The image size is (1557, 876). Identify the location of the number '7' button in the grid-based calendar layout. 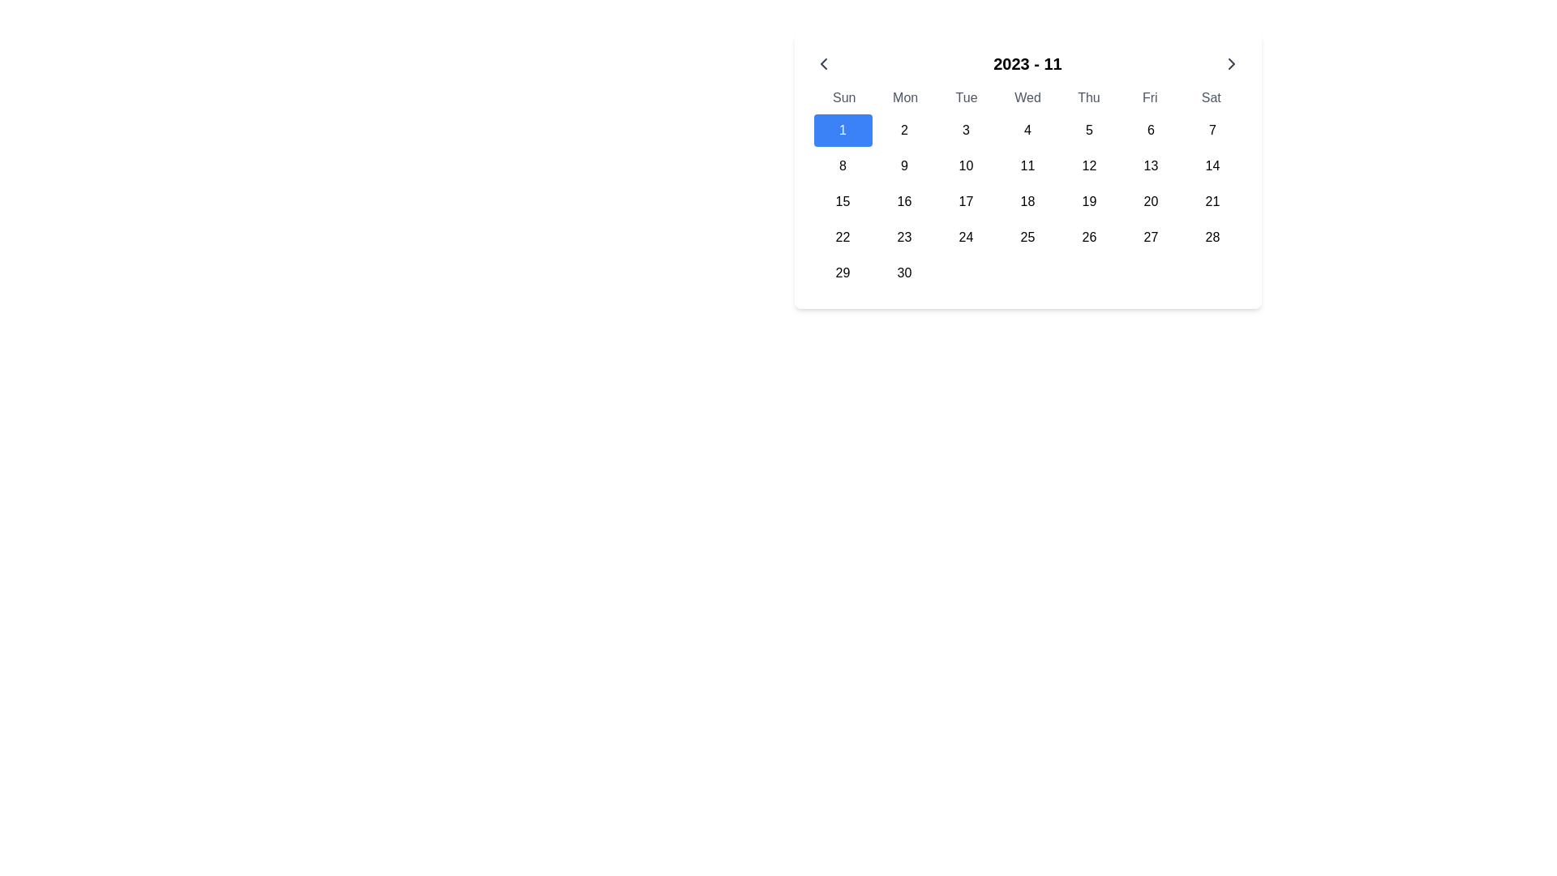
(1212, 130).